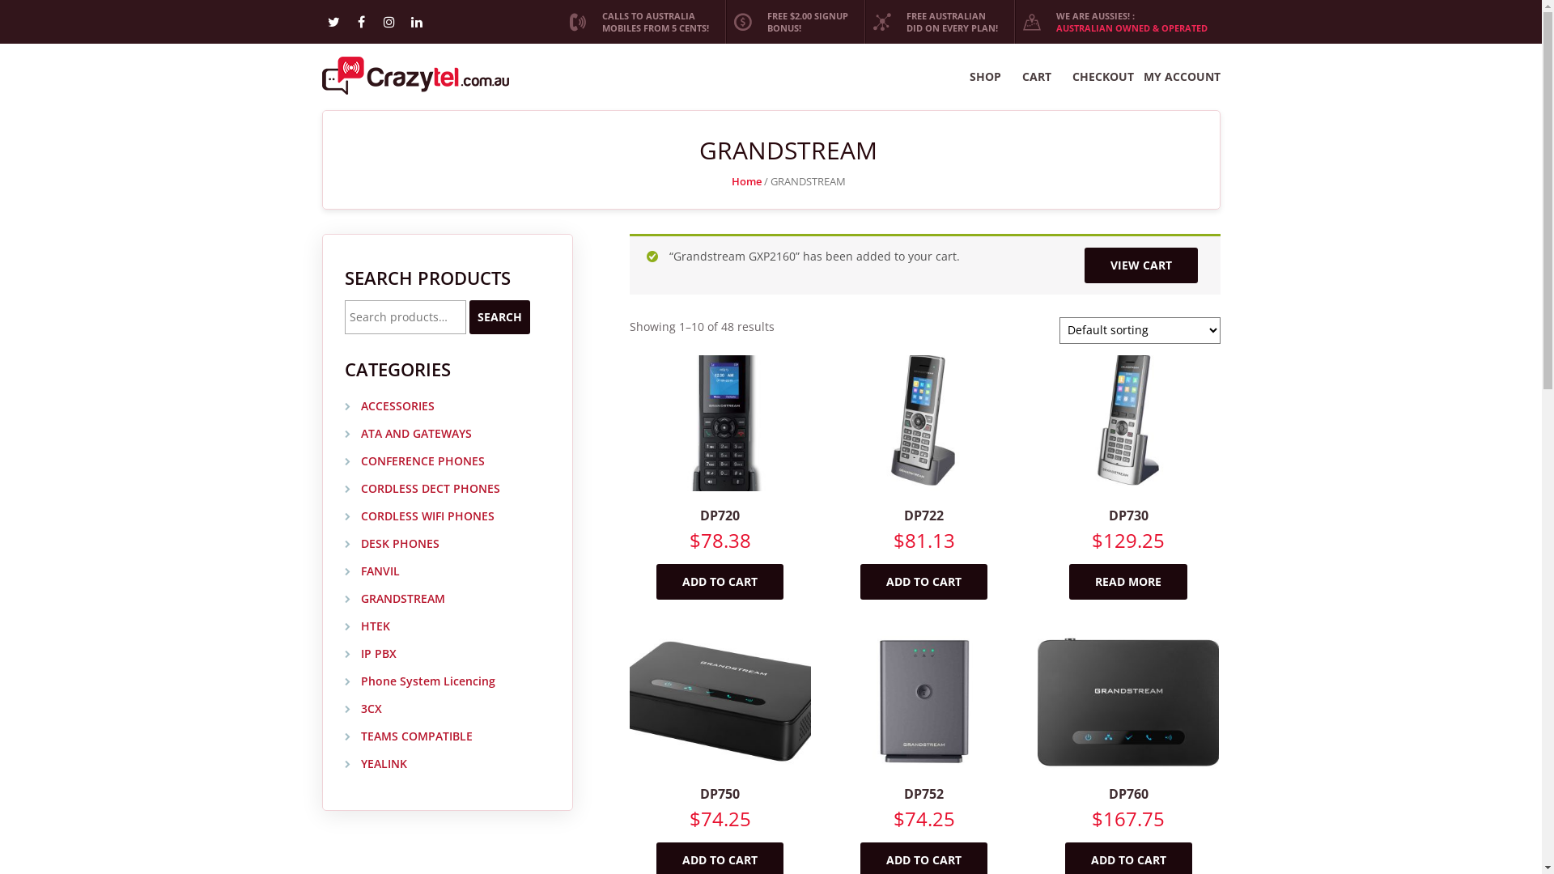 The height and width of the screenshot is (874, 1554). Describe the element at coordinates (1102, 77) in the screenshot. I see `'CHECKOUT'` at that location.